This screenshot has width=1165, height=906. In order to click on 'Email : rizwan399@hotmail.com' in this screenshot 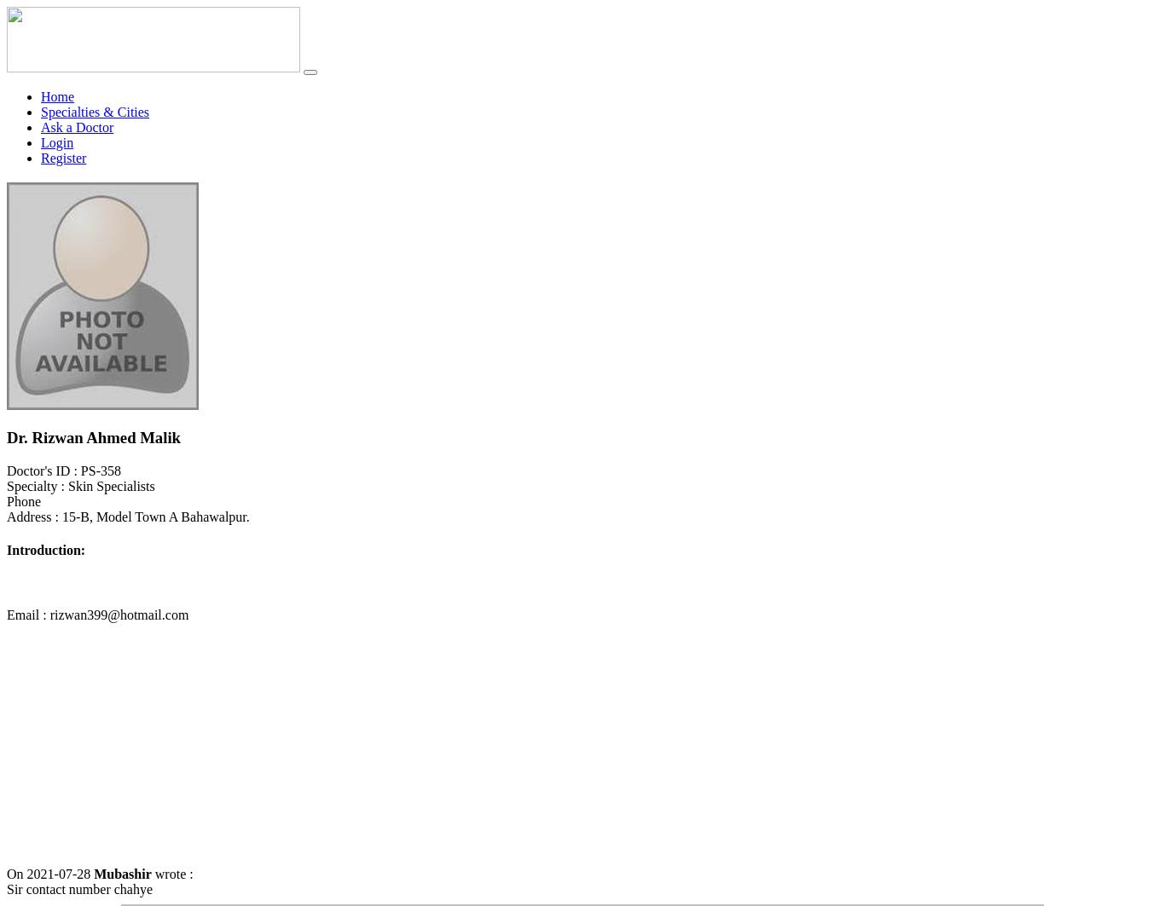, I will do `click(97, 613)`.